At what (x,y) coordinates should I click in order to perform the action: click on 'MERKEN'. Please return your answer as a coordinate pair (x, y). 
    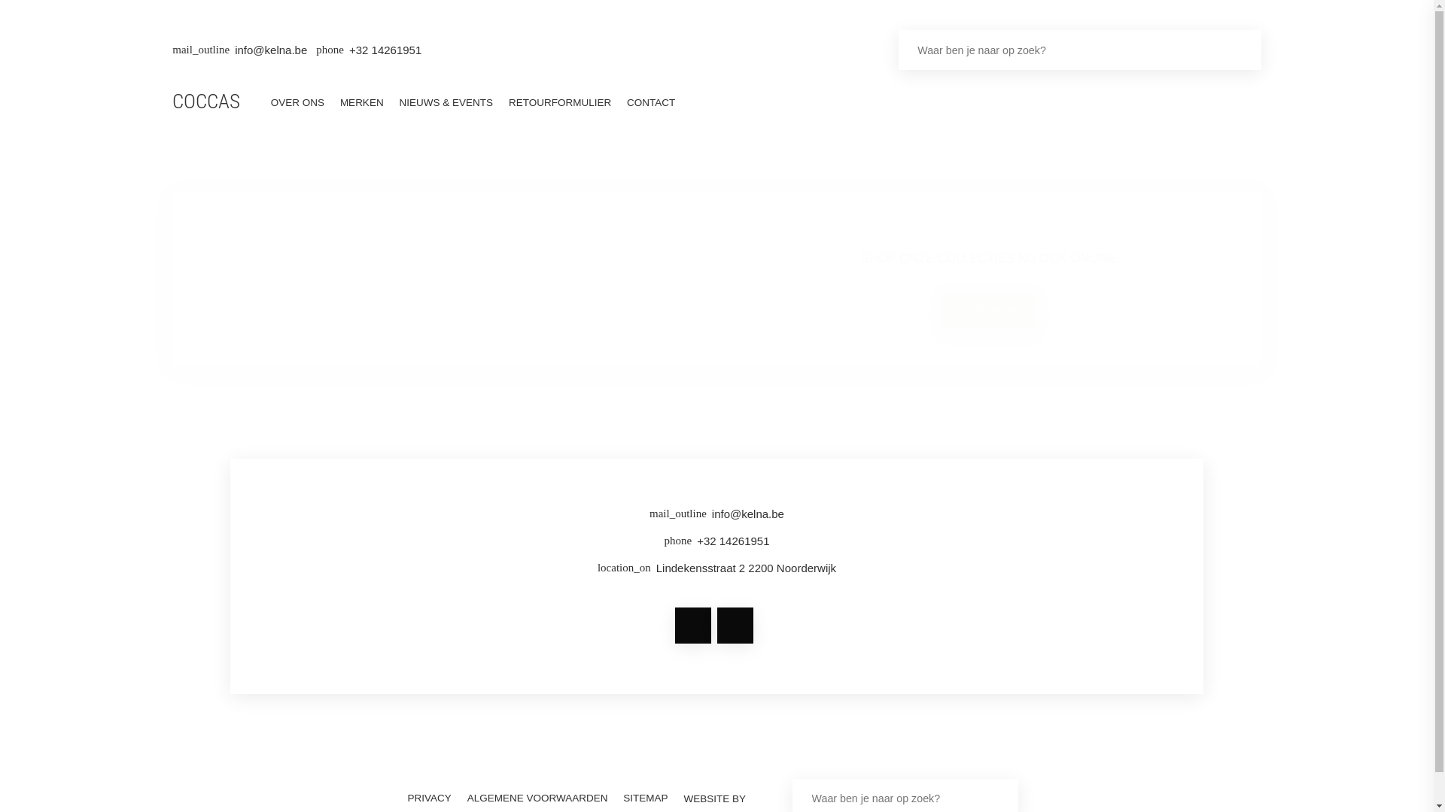
    Looking at the image, I should click on (361, 101).